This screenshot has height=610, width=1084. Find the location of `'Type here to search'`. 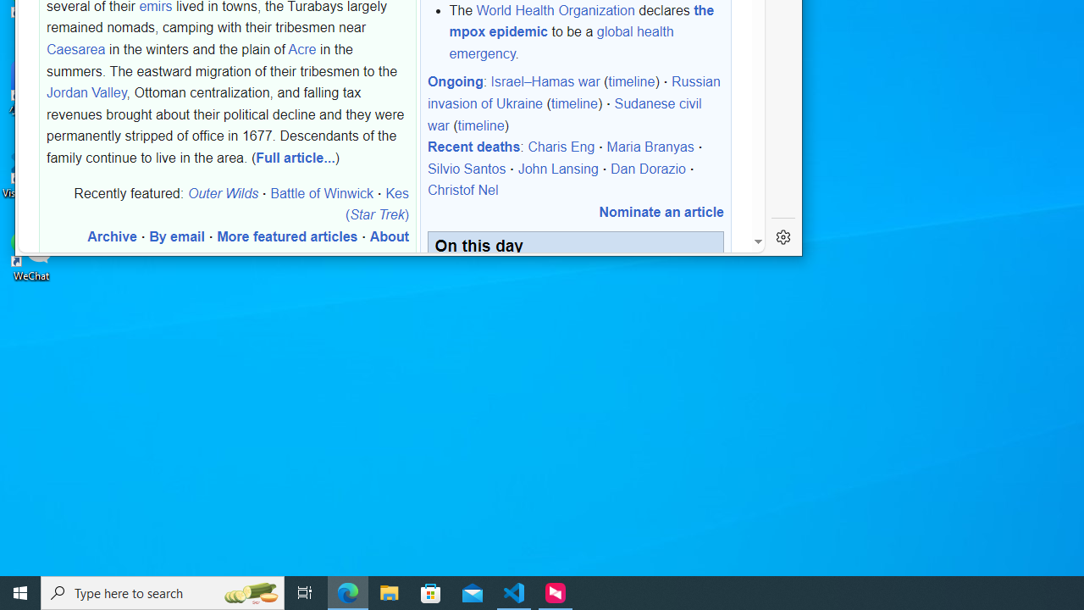

'Type here to search' is located at coordinates (163, 591).